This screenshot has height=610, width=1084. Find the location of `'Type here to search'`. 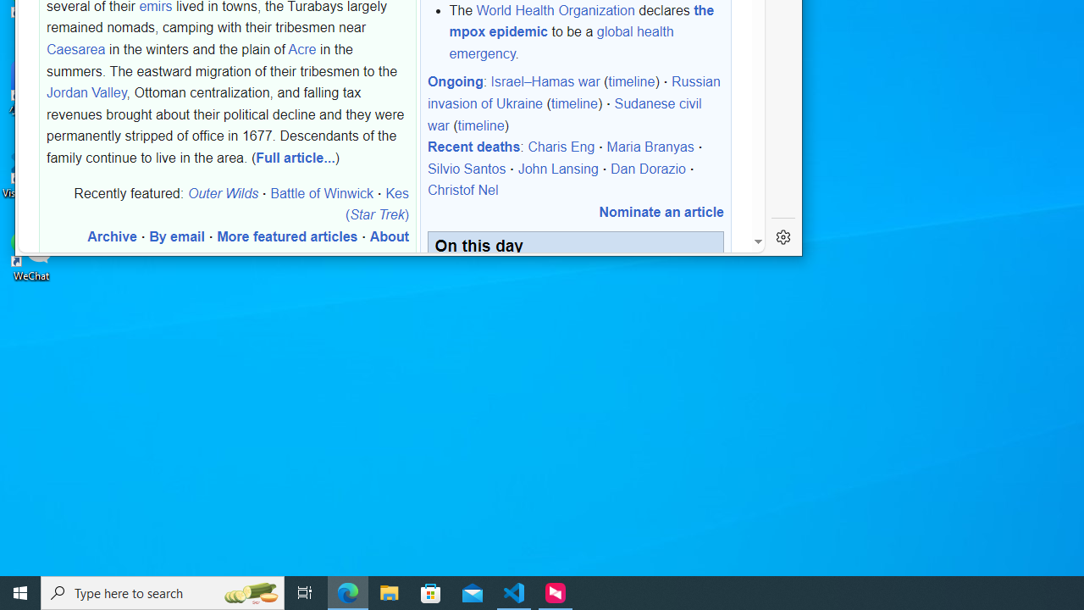

'Type here to search' is located at coordinates (163, 591).